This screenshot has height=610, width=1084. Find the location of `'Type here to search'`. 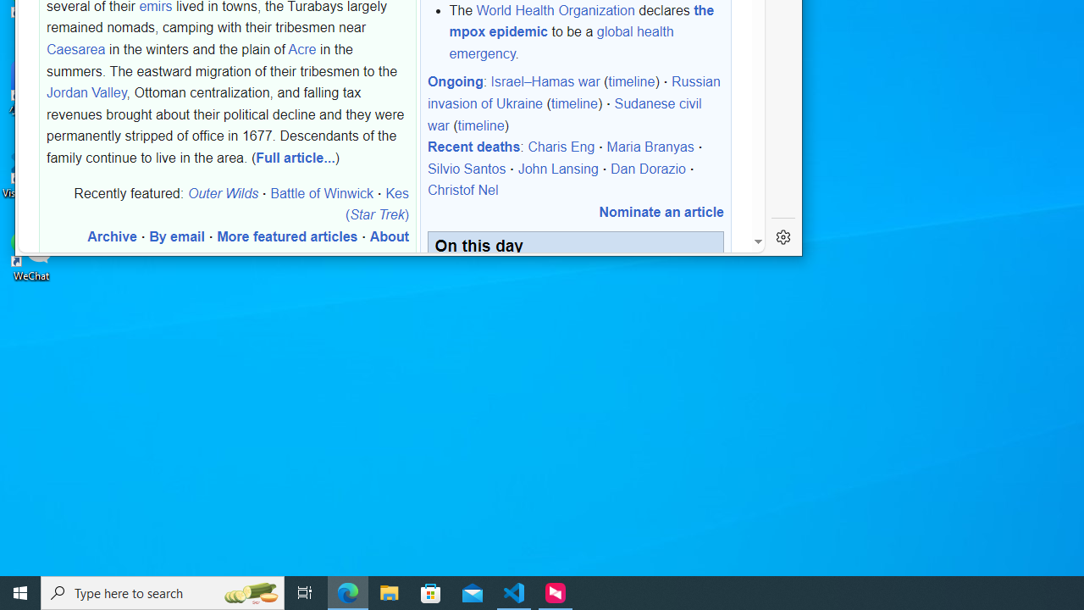

'Type here to search' is located at coordinates (163, 591).